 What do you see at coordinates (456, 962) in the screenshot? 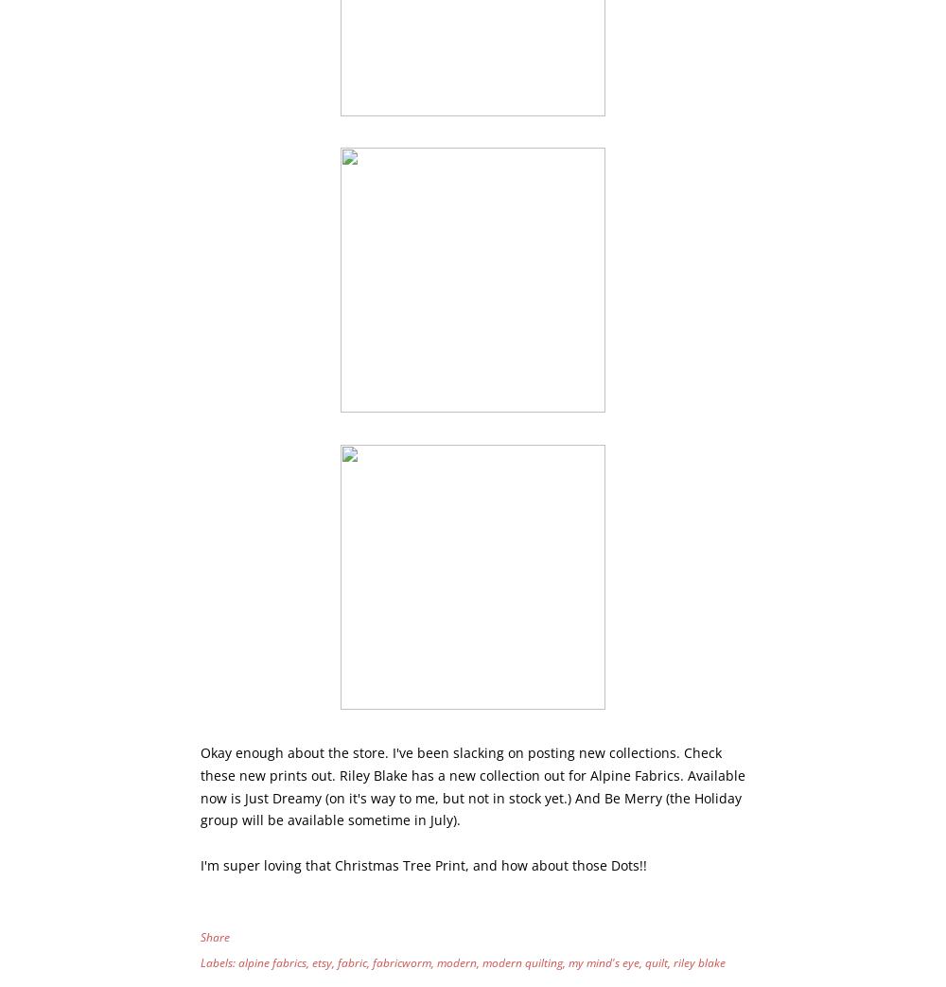
I see `'modern'` at bounding box center [456, 962].